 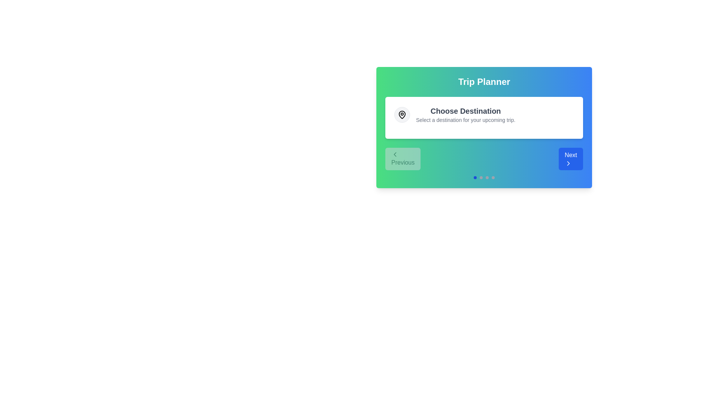 I want to click on the right-pointing chevron icon within the blue 'Next' button located in the bottom-right corner of the interface card, so click(x=568, y=163).